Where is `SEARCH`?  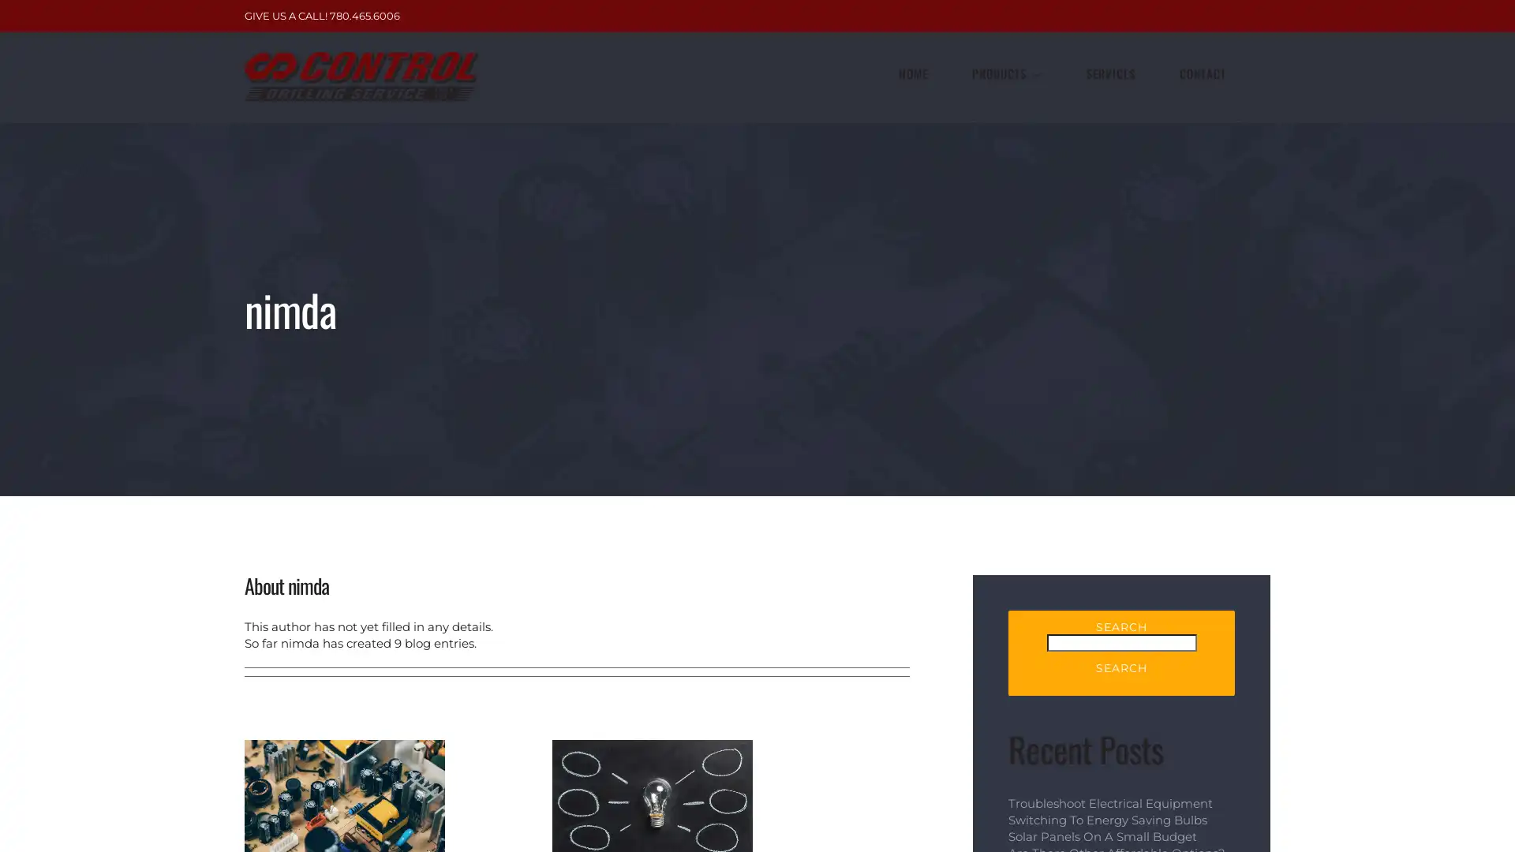 SEARCH is located at coordinates (1120, 668).